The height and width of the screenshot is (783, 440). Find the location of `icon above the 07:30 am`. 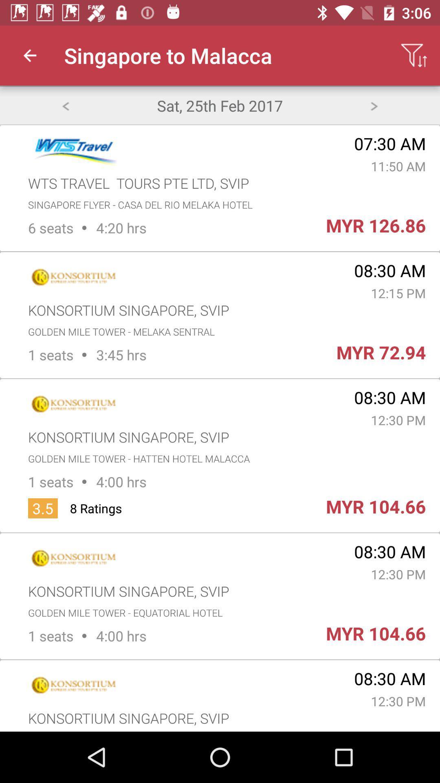

icon above the 07:30 am is located at coordinates (374, 105).